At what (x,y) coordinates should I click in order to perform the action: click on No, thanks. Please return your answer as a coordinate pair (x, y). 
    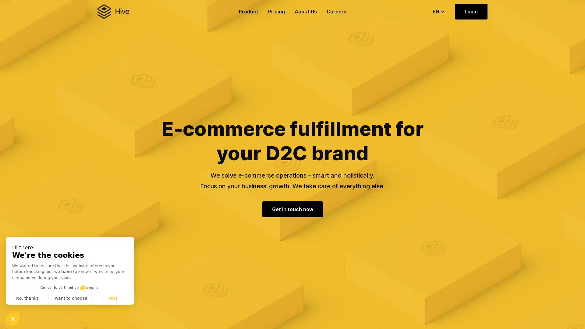
    Looking at the image, I should click on (27, 298).